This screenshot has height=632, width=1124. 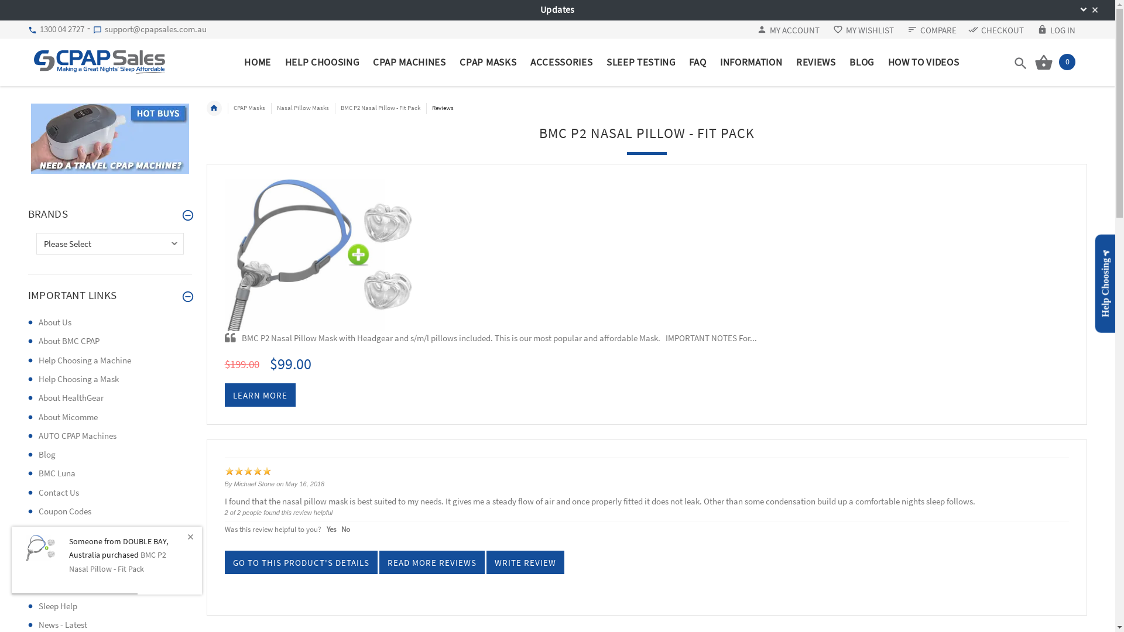 What do you see at coordinates (1056, 29) in the screenshot?
I see `'LOG IN'` at bounding box center [1056, 29].